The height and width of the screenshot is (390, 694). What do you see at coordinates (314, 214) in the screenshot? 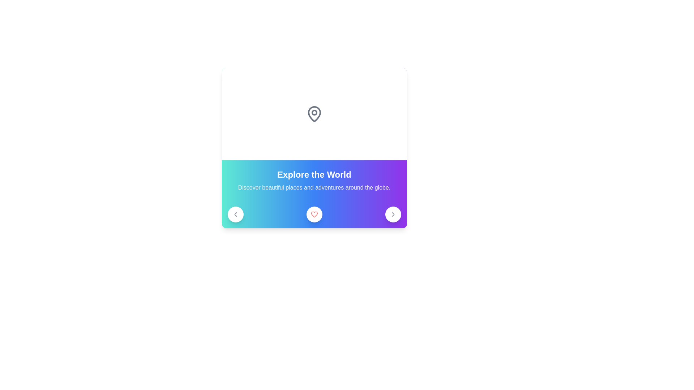
I see `the favorite button located in the middle of the lower section of the card interface` at bounding box center [314, 214].